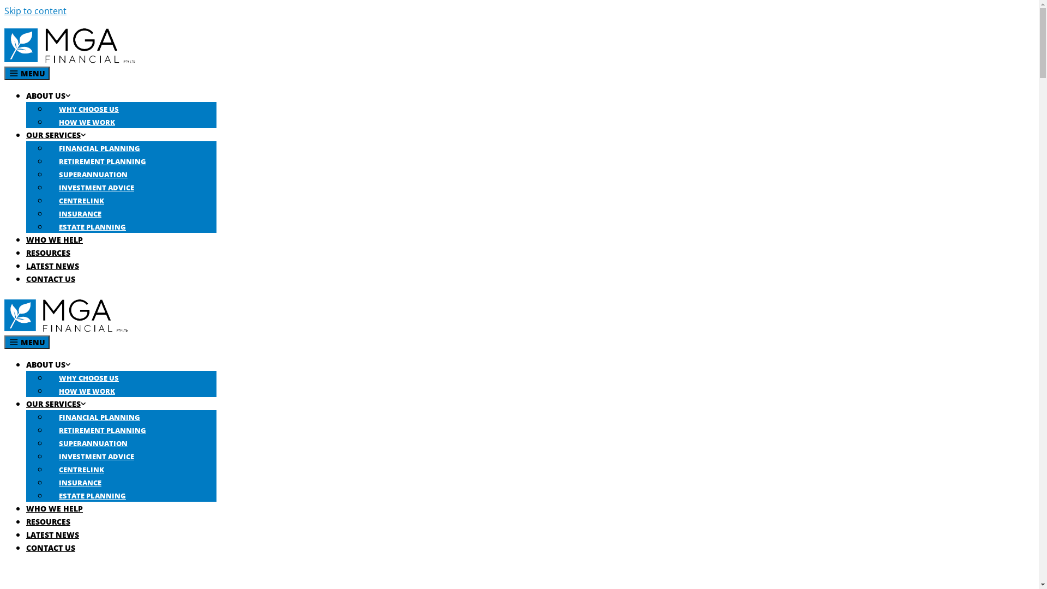 Image resolution: width=1047 pixels, height=589 pixels. What do you see at coordinates (65, 328) in the screenshot?
I see `'MGA Financial'` at bounding box center [65, 328].